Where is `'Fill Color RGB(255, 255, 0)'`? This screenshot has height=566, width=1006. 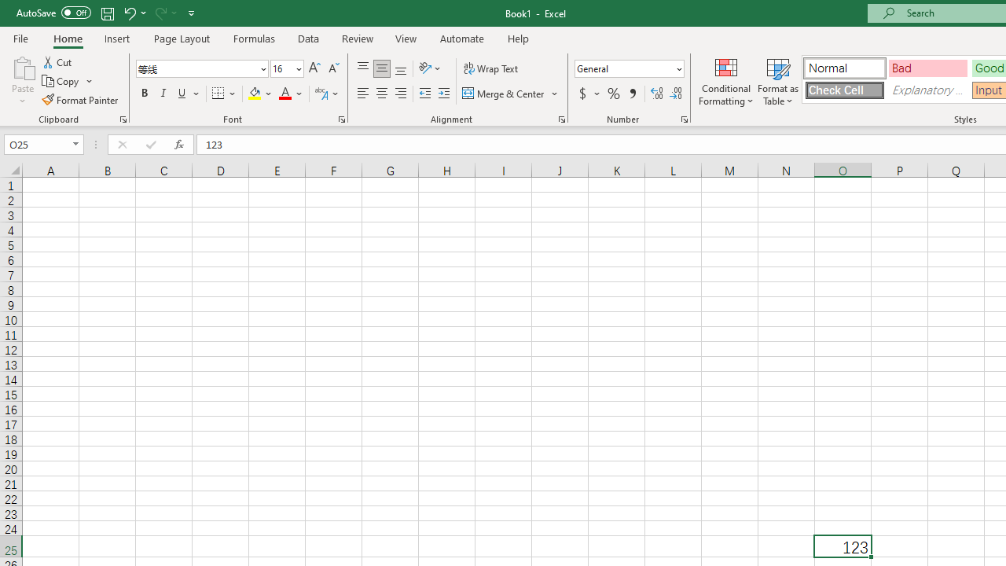
'Fill Color RGB(255, 255, 0)' is located at coordinates (255, 94).